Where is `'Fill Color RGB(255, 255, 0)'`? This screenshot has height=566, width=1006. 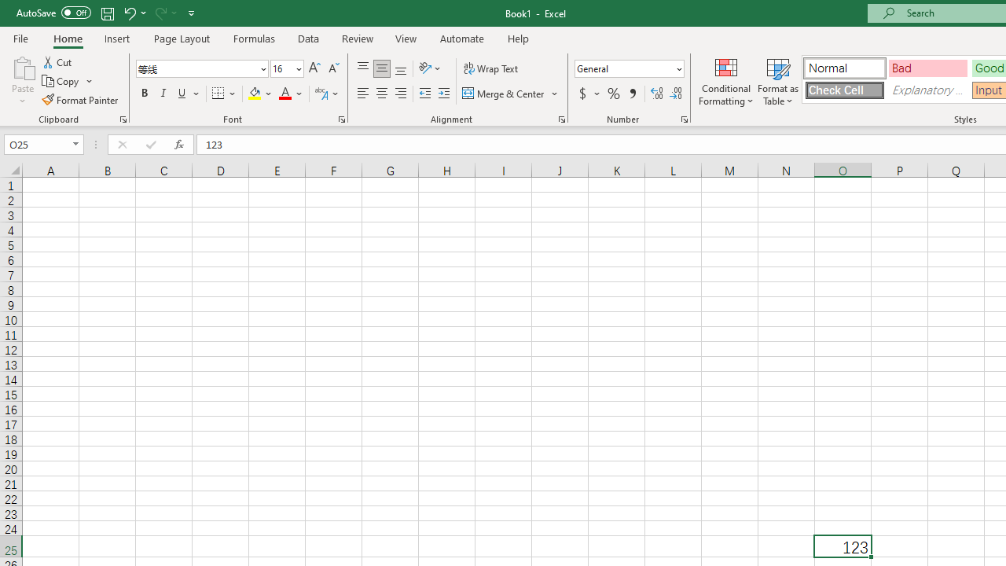
'Fill Color RGB(255, 255, 0)' is located at coordinates (255, 94).